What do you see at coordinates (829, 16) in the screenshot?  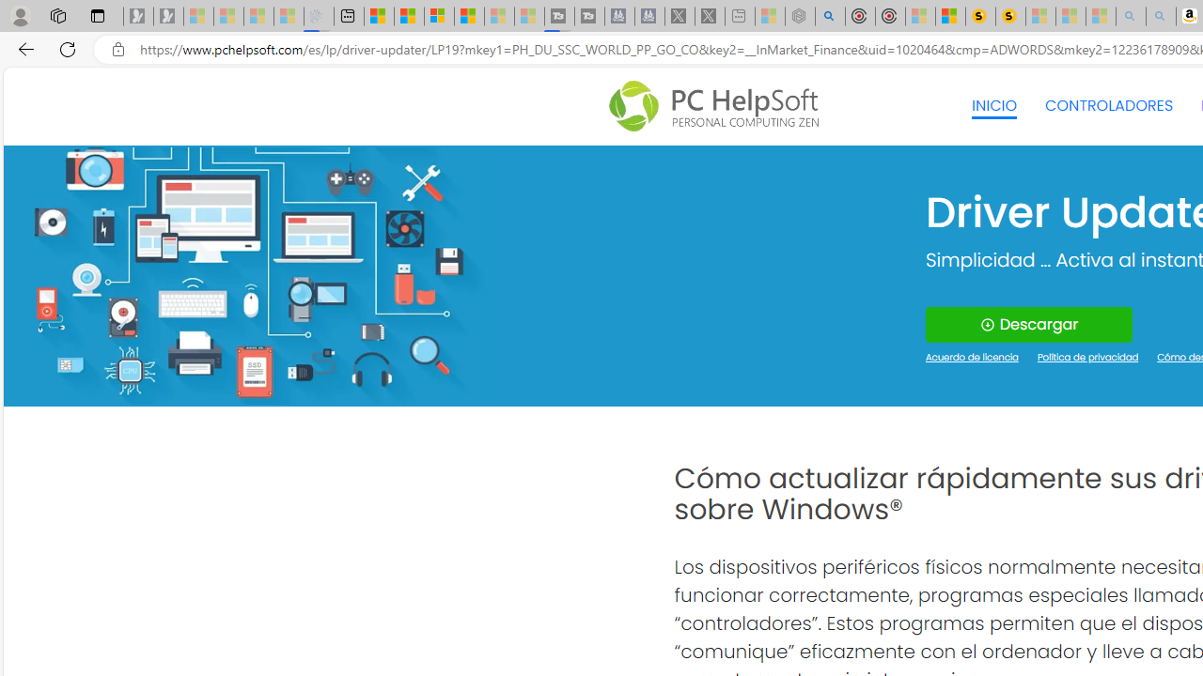 I see `'poe - Search'` at bounding box center [829, 16].